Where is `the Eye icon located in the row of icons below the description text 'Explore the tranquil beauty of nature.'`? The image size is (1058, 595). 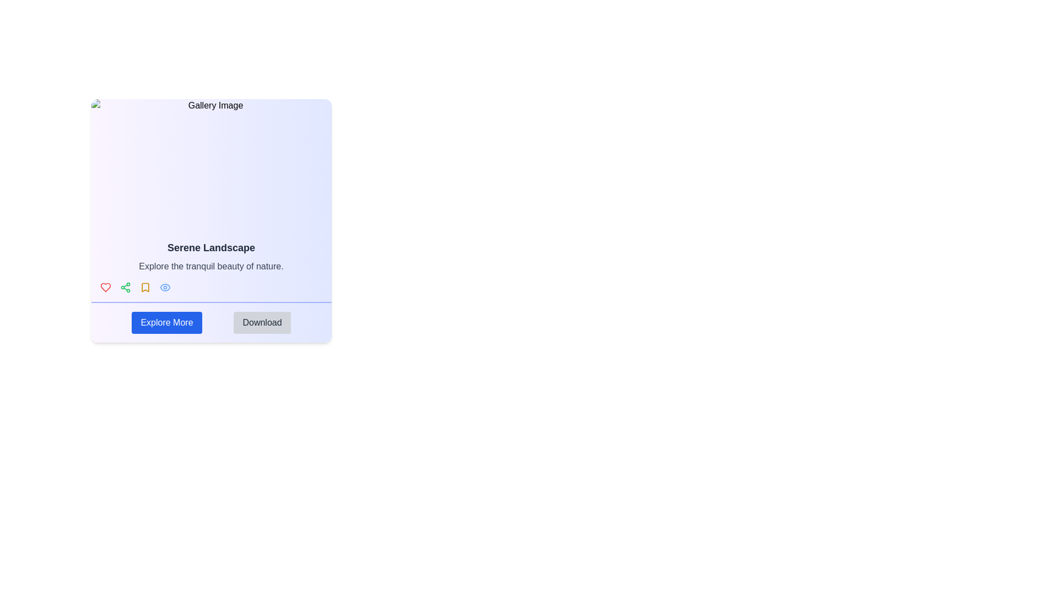
the Eye icon located in the row of icons below the description text 'Explore the tranquil beauty of nature.' is located at coordinates (164, 286).